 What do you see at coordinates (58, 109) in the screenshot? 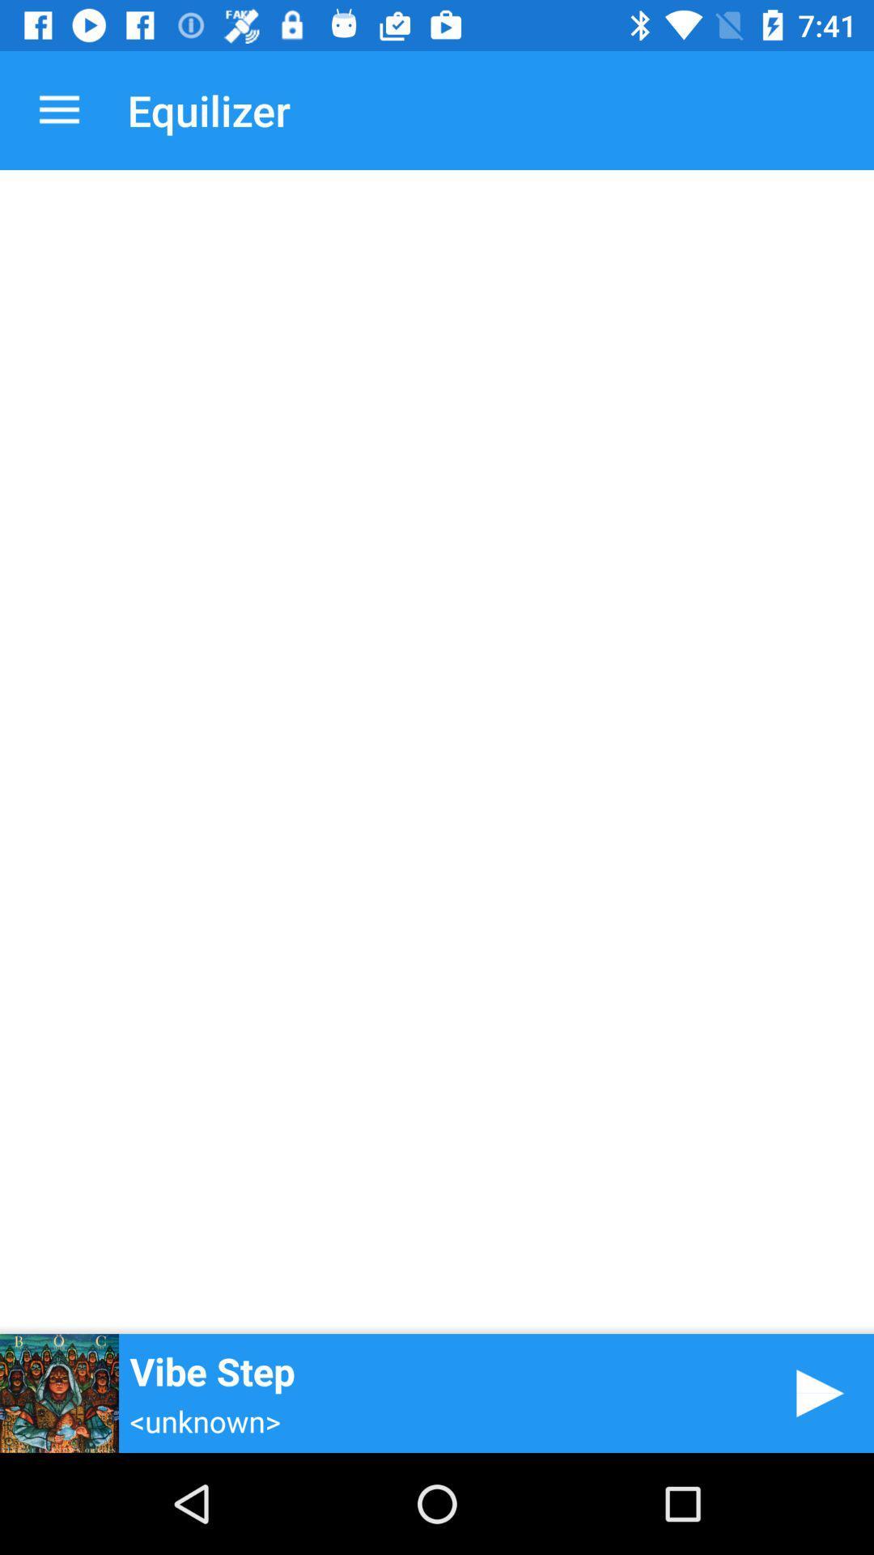
I see `the item next to equilizer icon` at bounding box center [58, 109].